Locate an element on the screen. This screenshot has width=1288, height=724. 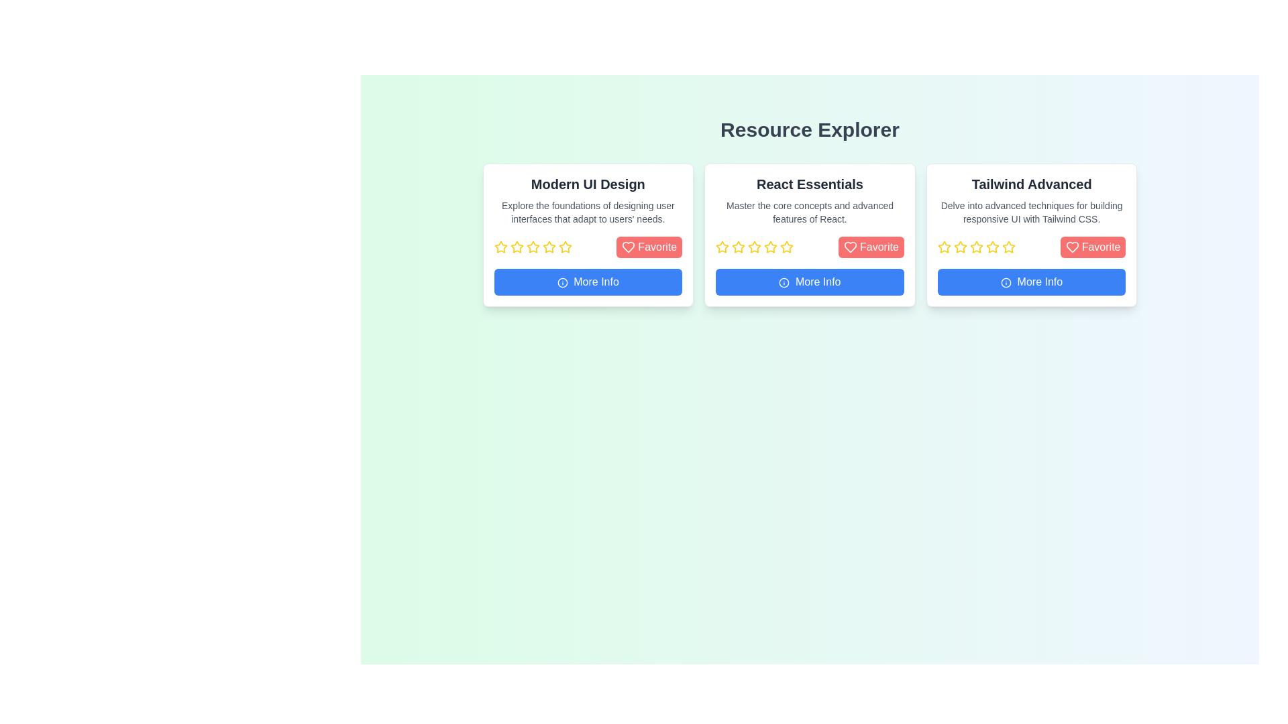
the first star icon in the rating widget of the 'React Essentials' card is located at coordinates (722, 247).